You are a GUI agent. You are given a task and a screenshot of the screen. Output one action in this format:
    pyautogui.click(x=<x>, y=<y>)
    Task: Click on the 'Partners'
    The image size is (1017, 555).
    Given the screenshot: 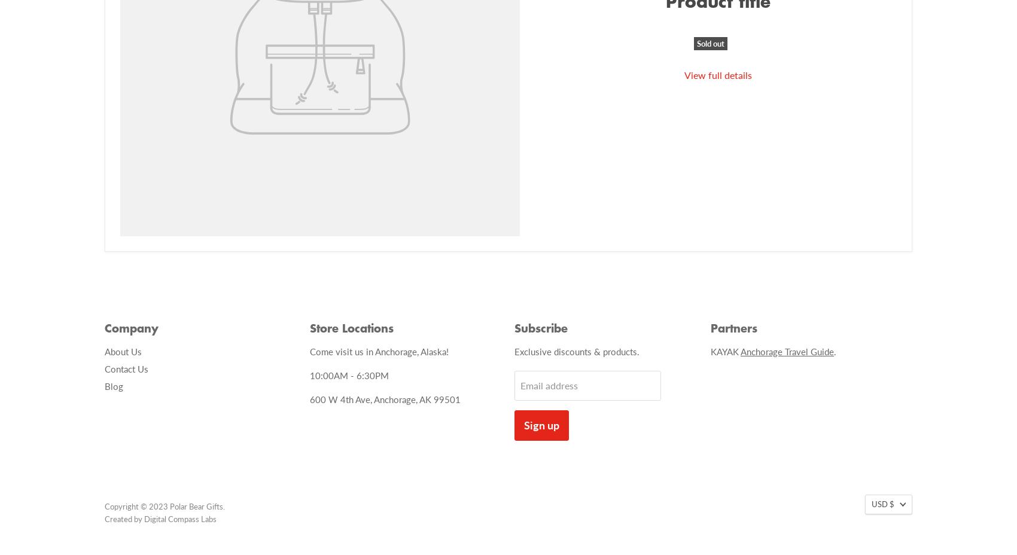 What is the action you would take?
    pyautogui.click(x=733, y=327)
    